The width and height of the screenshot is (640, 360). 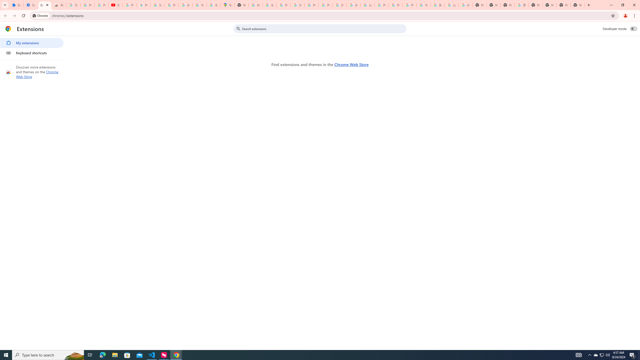 I want to click on 'https://scholar.google.com/', so click(x=255, y=5).